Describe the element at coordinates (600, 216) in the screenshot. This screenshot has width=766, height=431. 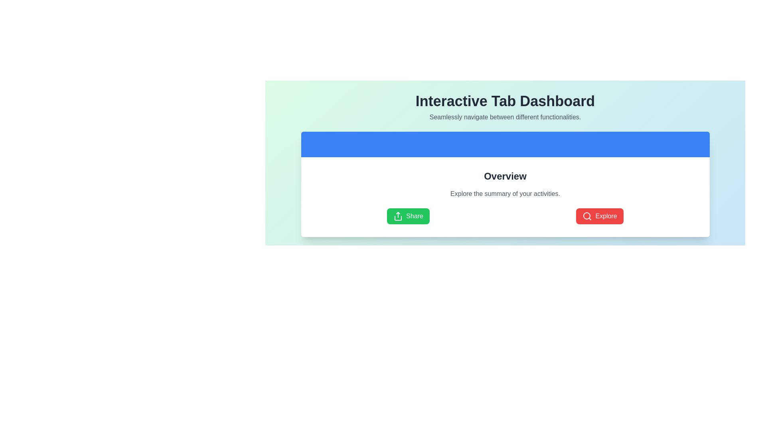
I see `the red 'Explore' button, which has rounded corners and white text, located to the right of the green 'Share' button` at that location.